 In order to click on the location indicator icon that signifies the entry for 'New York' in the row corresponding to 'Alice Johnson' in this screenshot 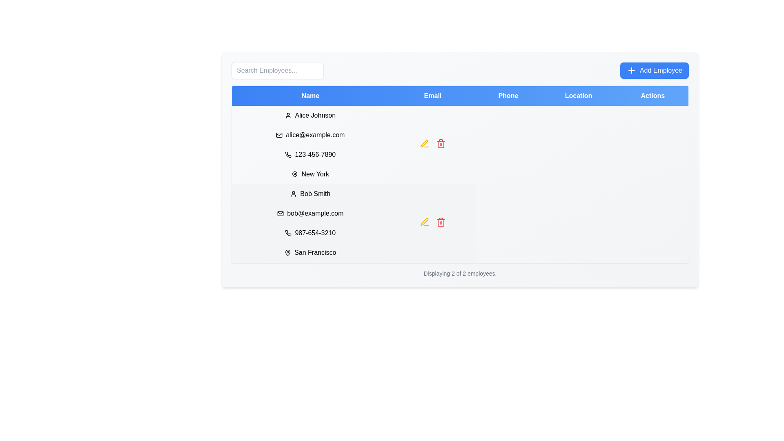, I will do `click(294, 174)`.